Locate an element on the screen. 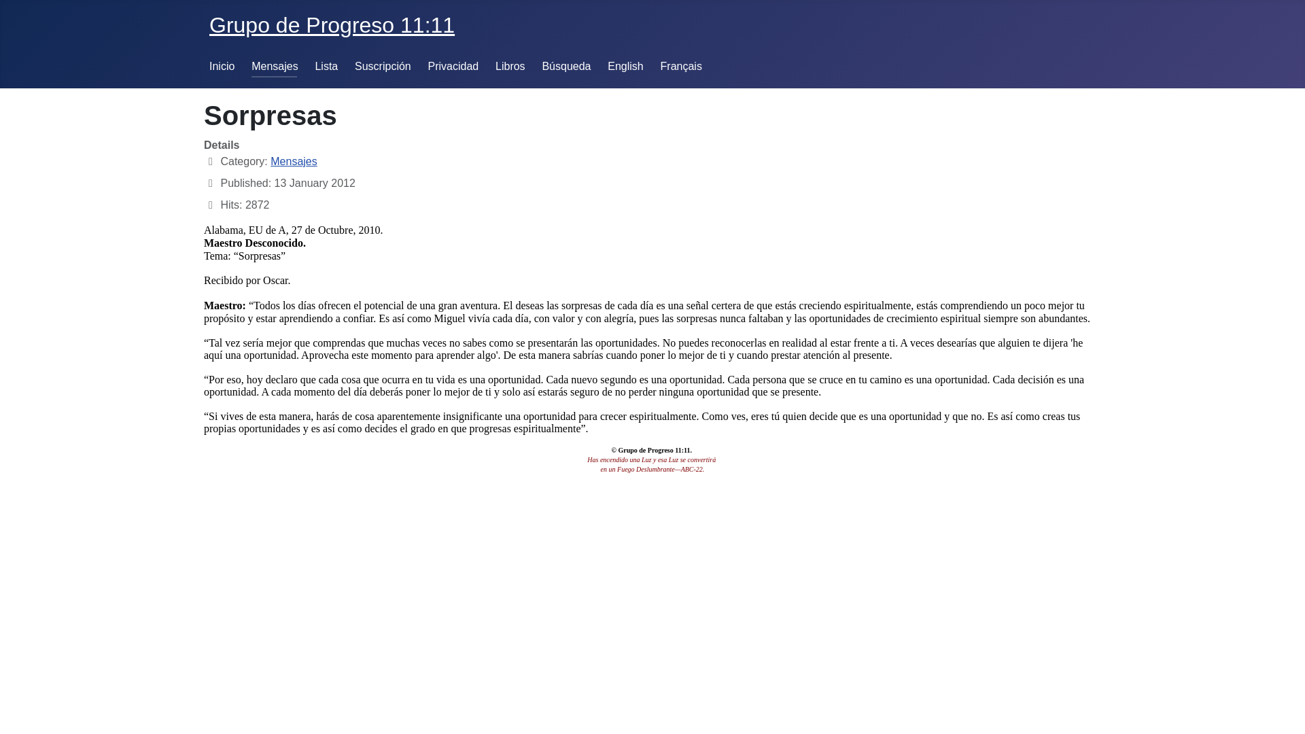  'Privacidad' is located at coordinates (453, 66).